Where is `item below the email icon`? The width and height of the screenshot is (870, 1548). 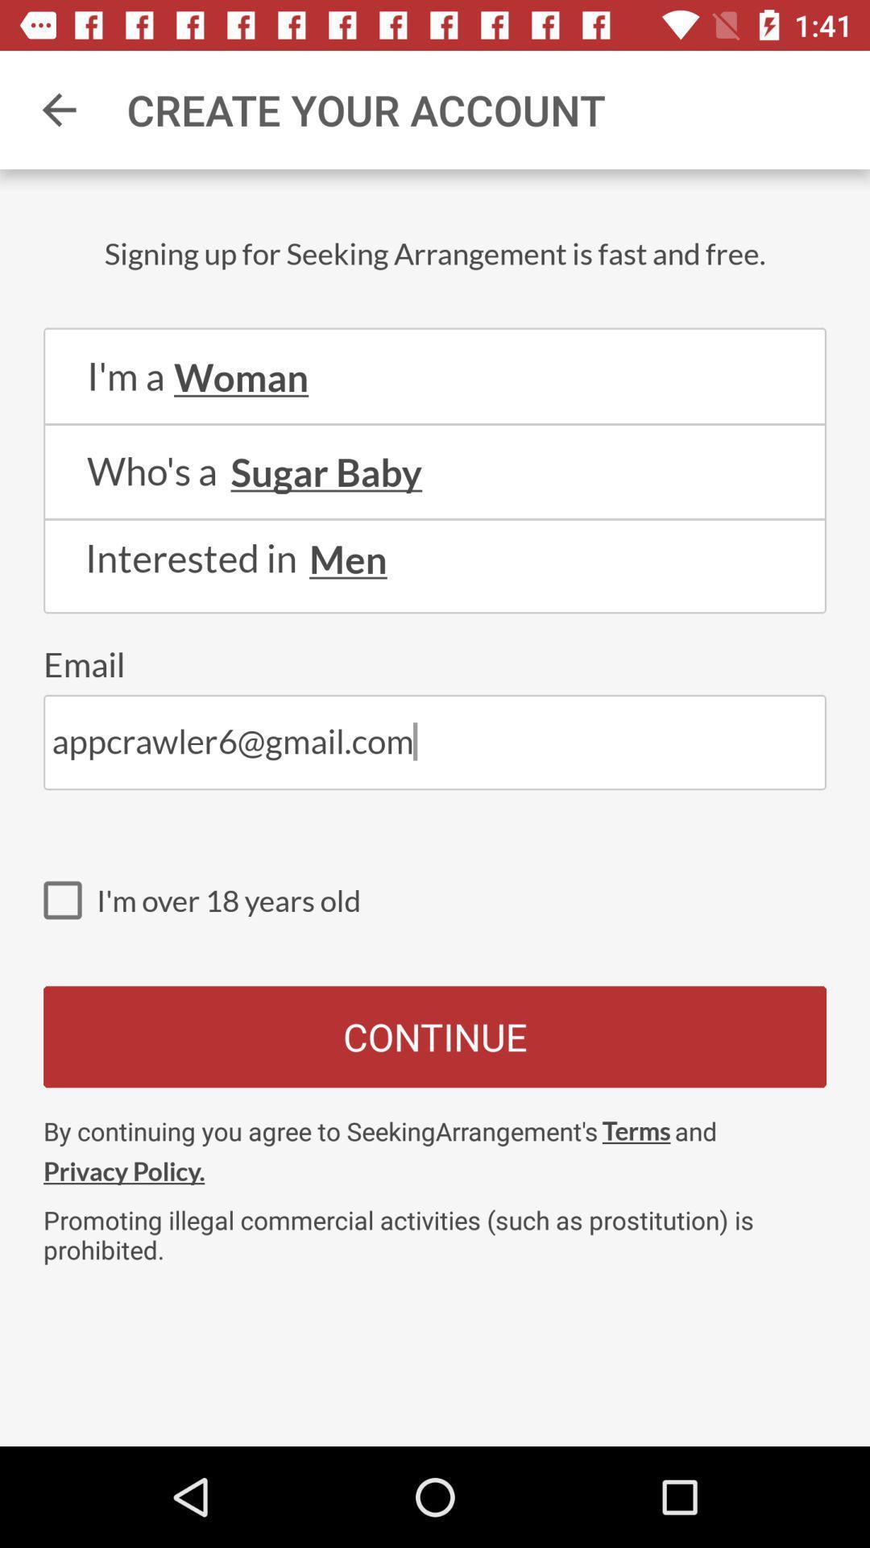
item below the email icon is located at coordinates (435, 742).